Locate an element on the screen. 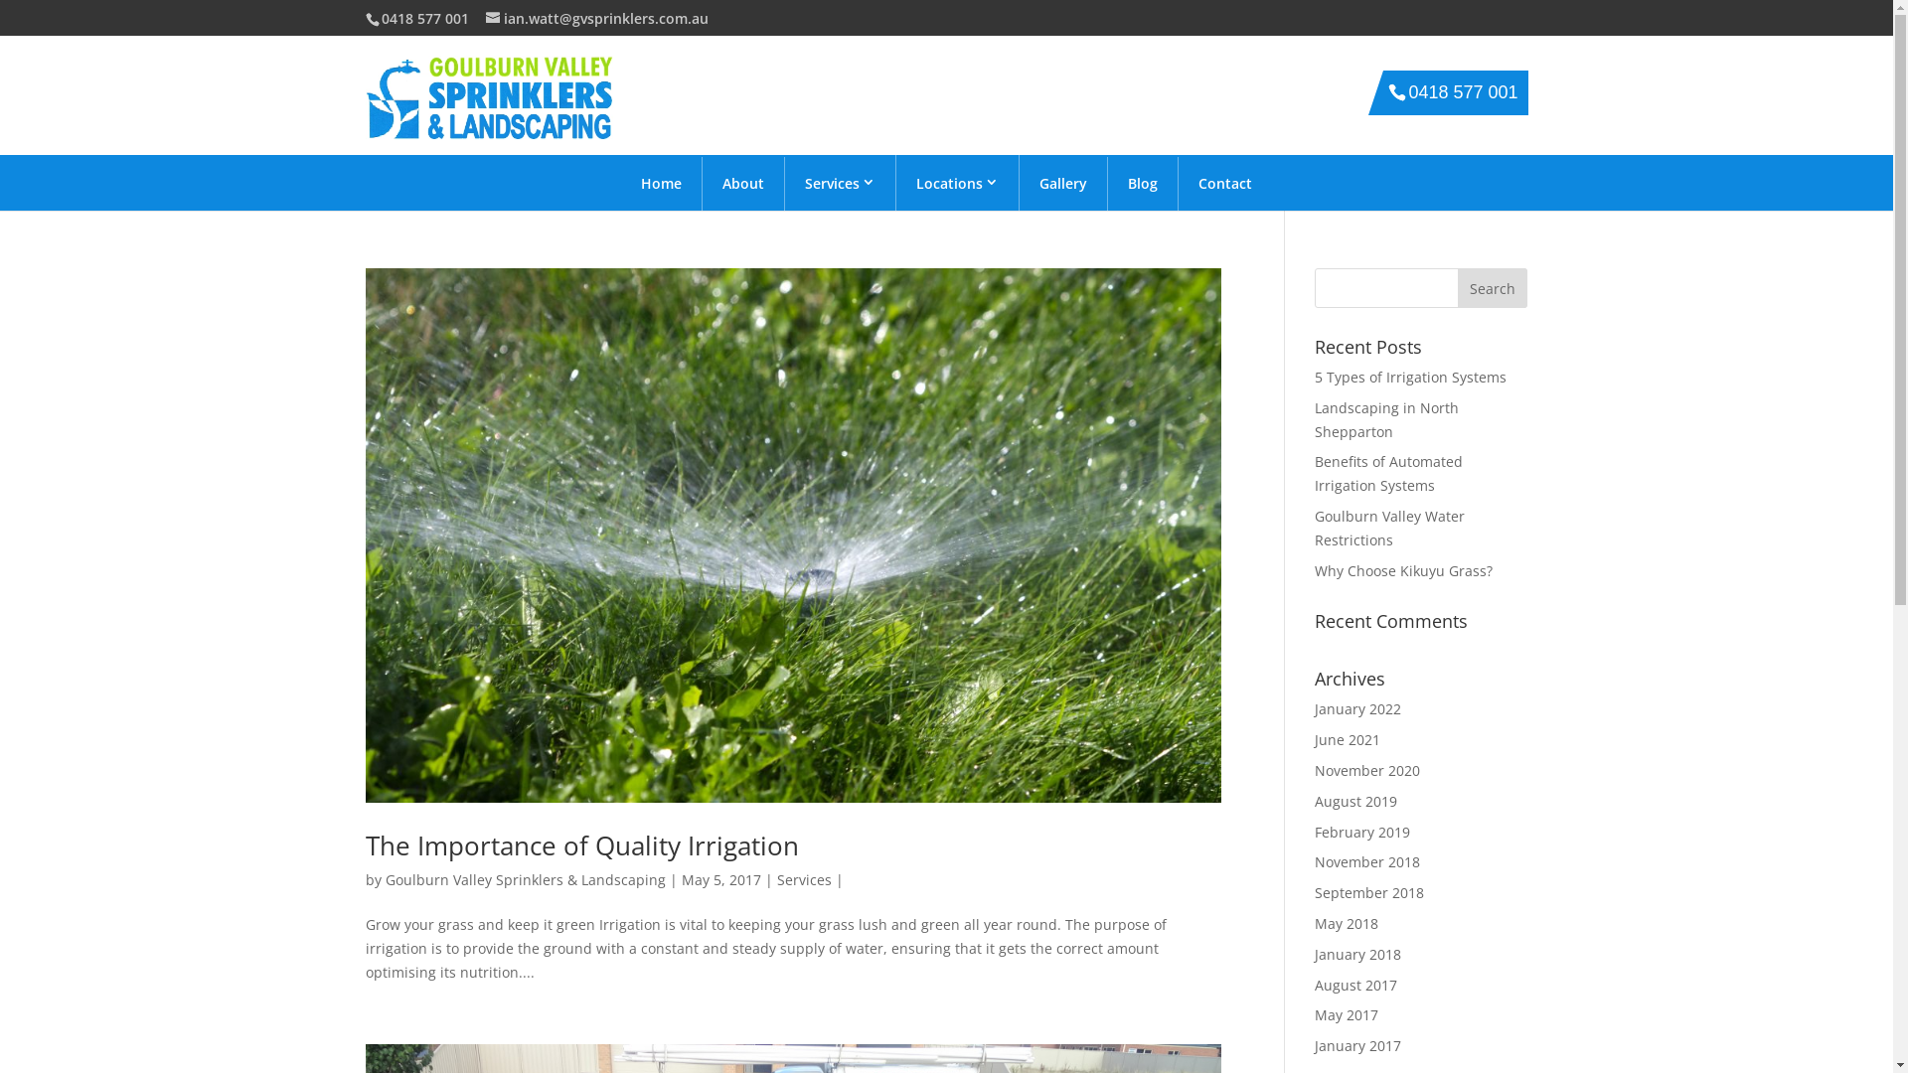  'August 2017' is located at coordinates (1354, 985).